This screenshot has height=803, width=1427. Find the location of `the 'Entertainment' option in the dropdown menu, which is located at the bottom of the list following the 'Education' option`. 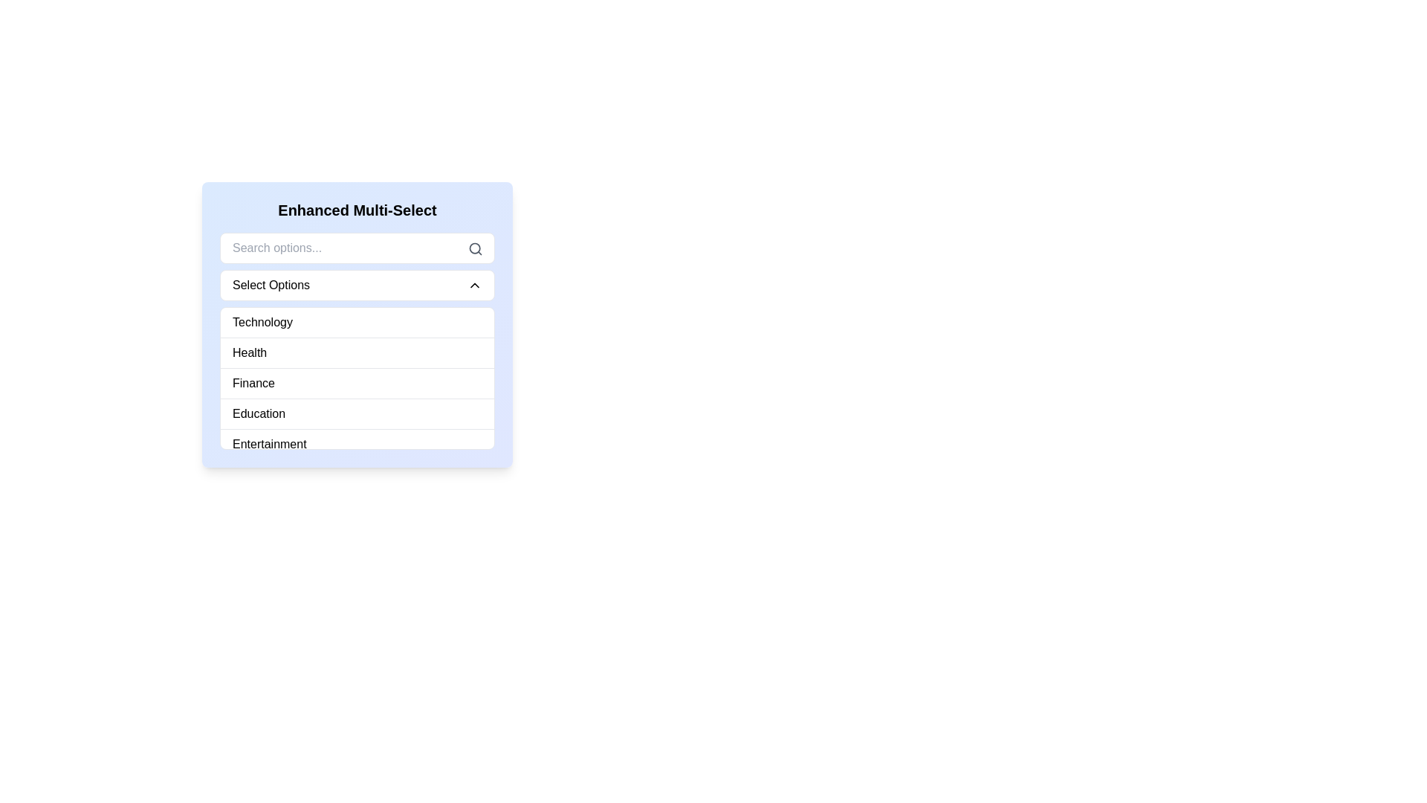

the 'Entertainment' option in the dropdown menu, which is located at the bottom of the list following the 'Education' option is located at coordinates (269, 443).